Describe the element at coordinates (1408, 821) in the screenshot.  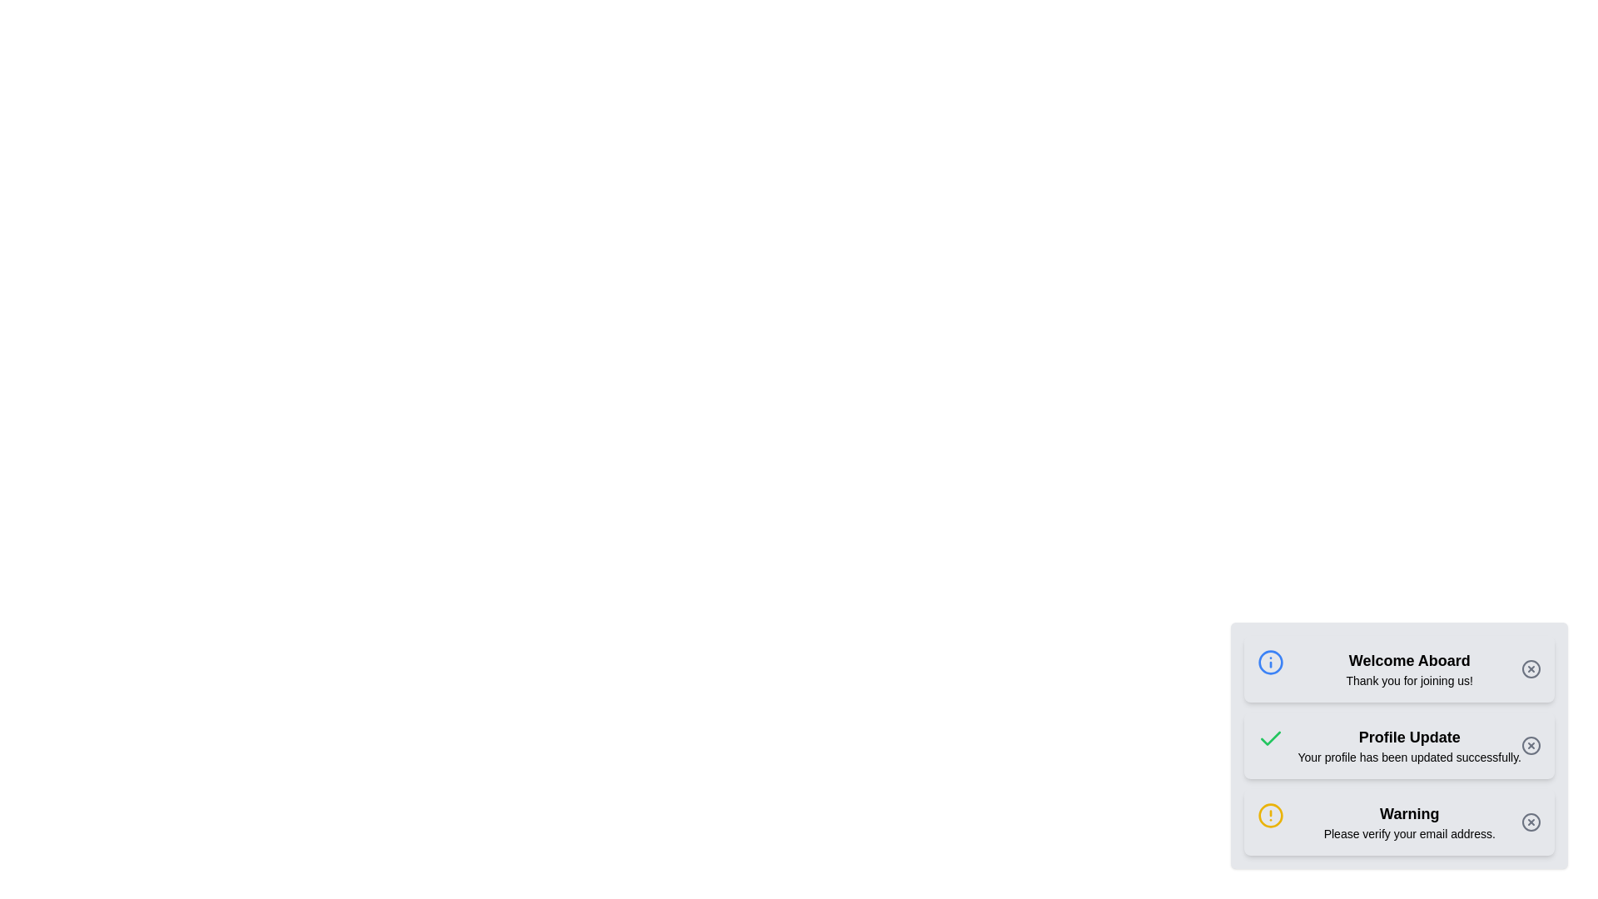
I see `and comprehend the warning message displayed in the third notification card, which includes the bold text 'Warning' and the smaller text 'Please verify your email address.'` at that location.